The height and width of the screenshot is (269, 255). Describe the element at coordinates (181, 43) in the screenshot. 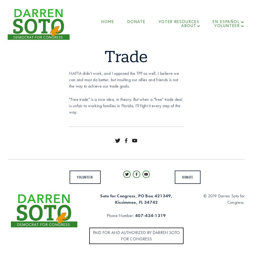

I see `'Issues'` at that location.